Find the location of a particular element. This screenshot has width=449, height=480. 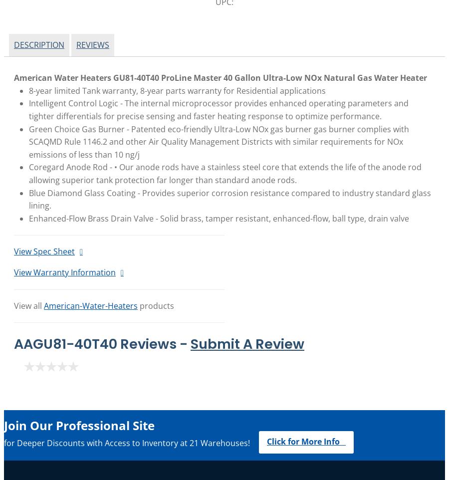

'View Warranty Information' is located at coordinates (64, 271).